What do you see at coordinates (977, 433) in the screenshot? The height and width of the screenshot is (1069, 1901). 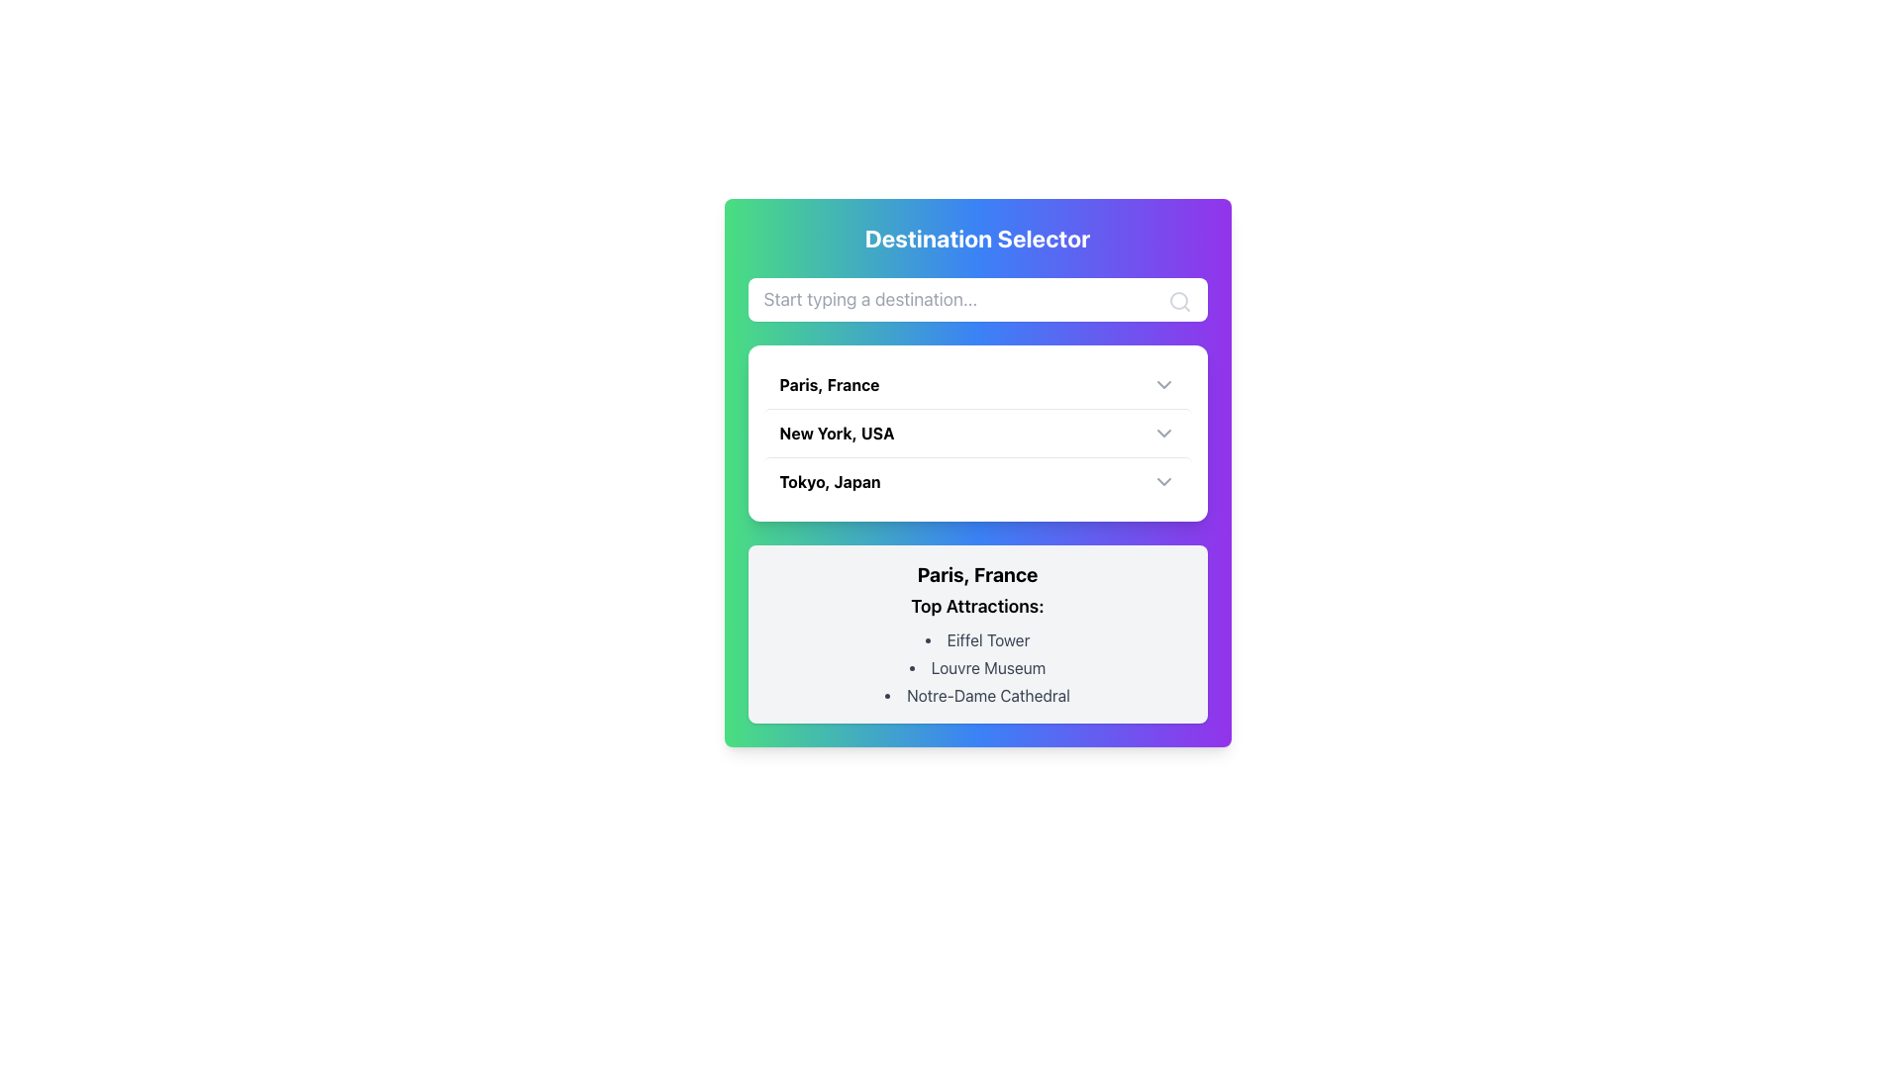 I see `the second item in the destination selection menu labeled 'New York, USA'` at bounding box center [977, 433].